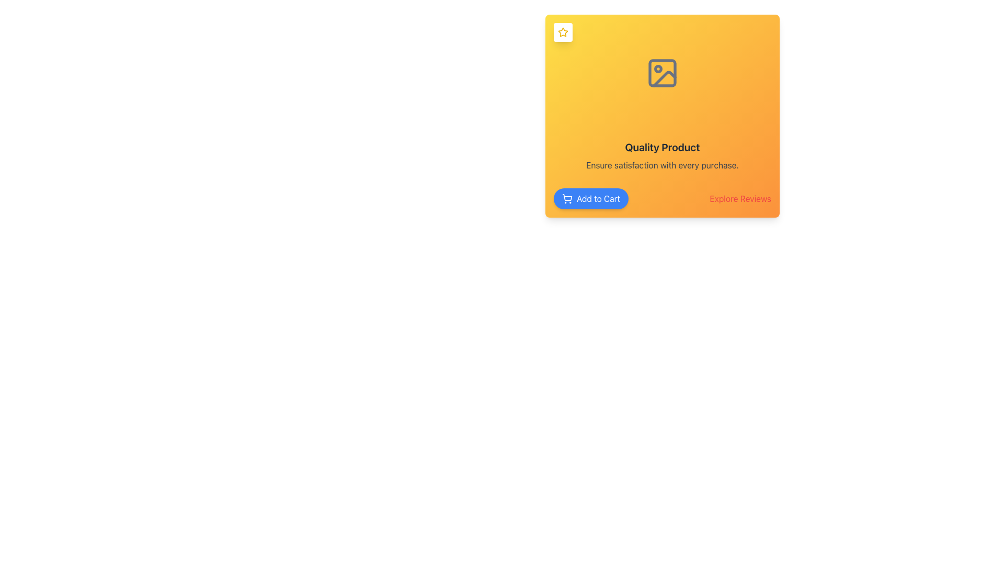  What do you see at coordinates (566, 199) in the screenshot?
I see `the shopping cart icon that is part of the 'Add to Cart' button, which is located to the left of the button text and positioned below the product description` at bounding box center [566, 199].